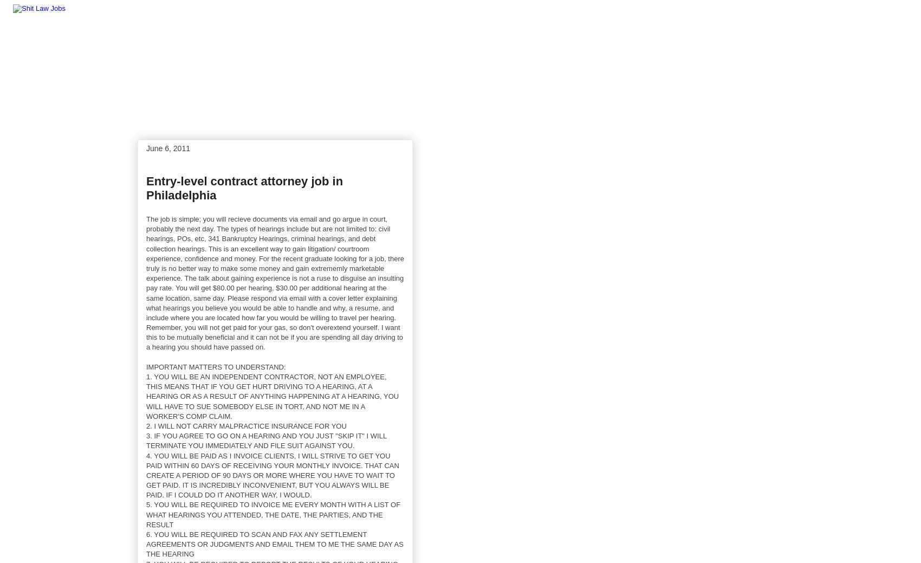 The image size is (921, 563). Describe the element at coordinates (273, 475) in the screenshot. I see `'4. YOU WILL BE PAID AS I INVOICE CLIENTS, I WILL STRIVE TO GET YOU PAID WITHIN 60 DAYS OF RECEIVING YOUR MONTHLY INVOICE. THAT CAN CREATE A PERIOD OF 90 DAYS OR MORE WHERE YOU HAVE TO WAIT TO GET PAID. IT IS INCREDIBLY INCONVENIENT, BUT YOU ALWAYS WILL BE PAID. IF I COULD DO IT ANOTHER WAY, I WOULD.'` at that location.